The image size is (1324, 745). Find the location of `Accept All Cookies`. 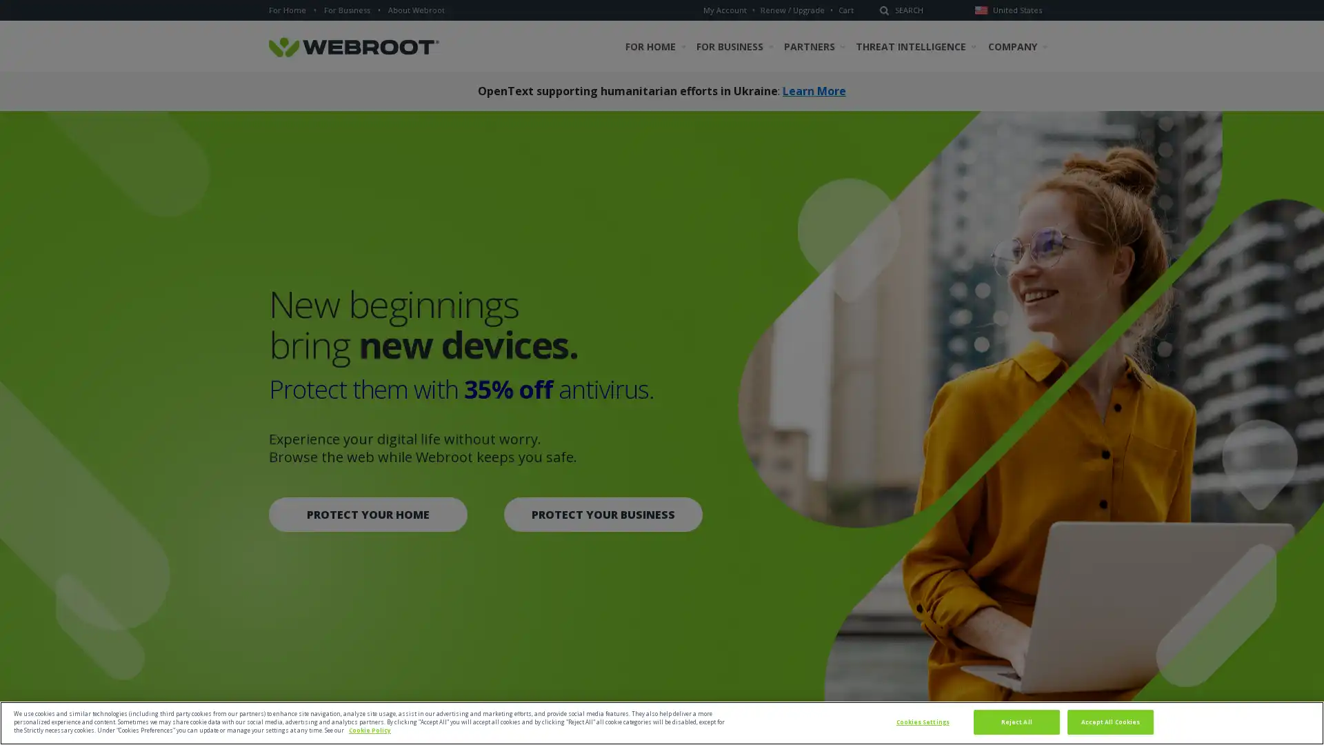

Accept All Cookies is located at coordinates (1110, 721).